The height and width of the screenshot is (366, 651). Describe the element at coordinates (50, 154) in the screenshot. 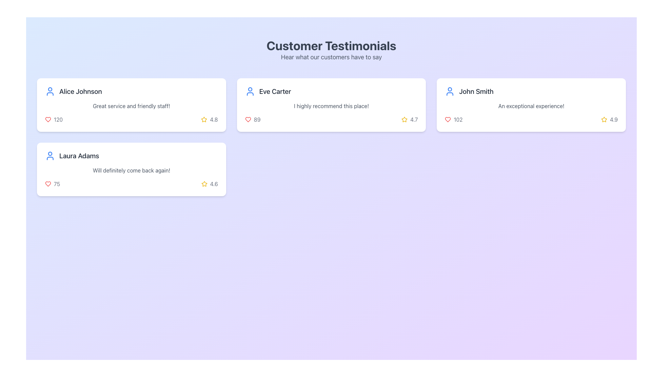

I see `the small blue circle within the SVG user profile icon, which is positioned to the left of the name 'Laura Adams' in the testimonial card layout` at that location.